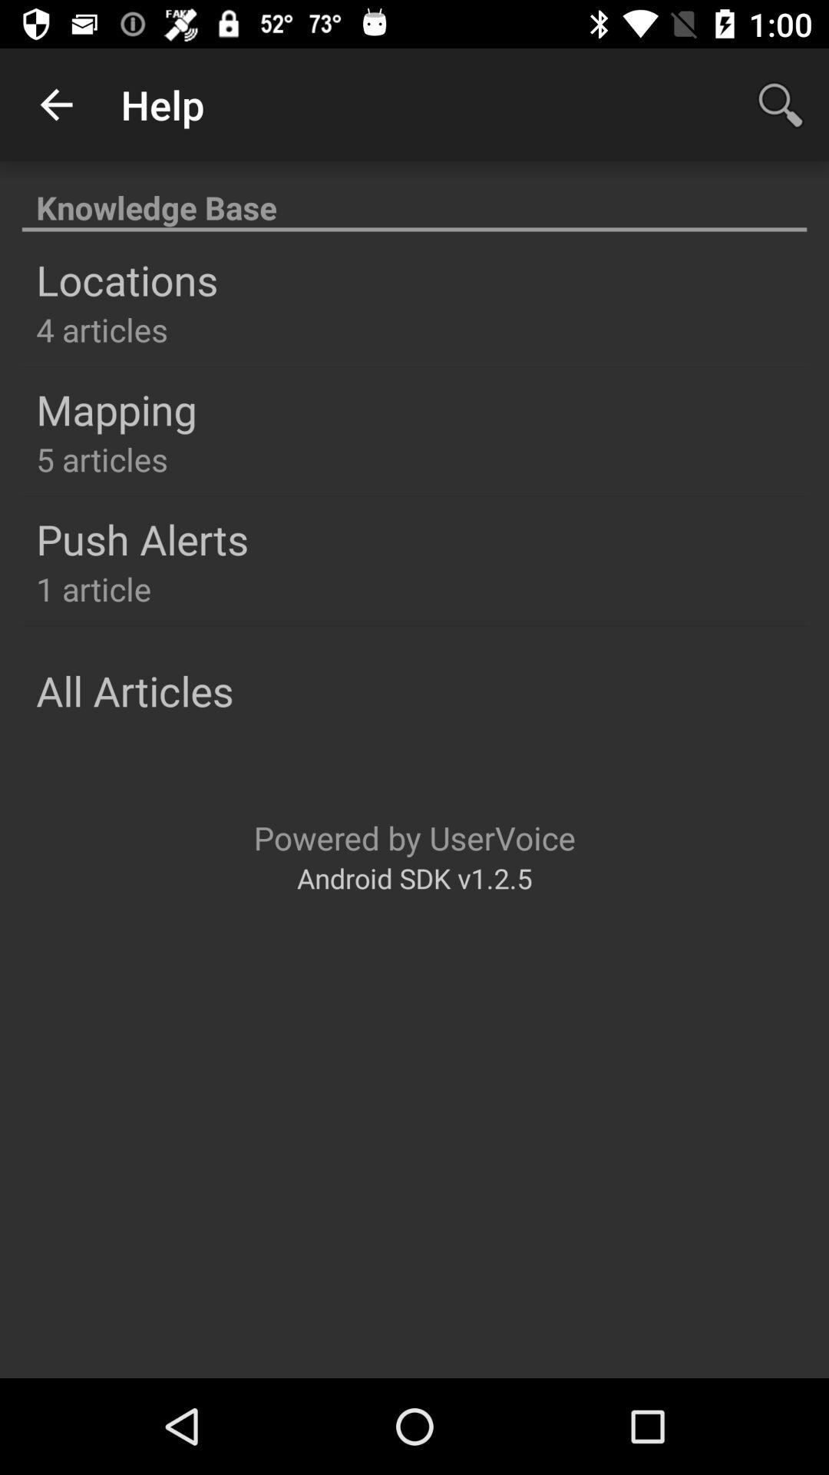 This screenshot has height=1475, width=829. Describe the element at coordinates (134, 689) in the screenshot. I see `the all articles icon` at that location.